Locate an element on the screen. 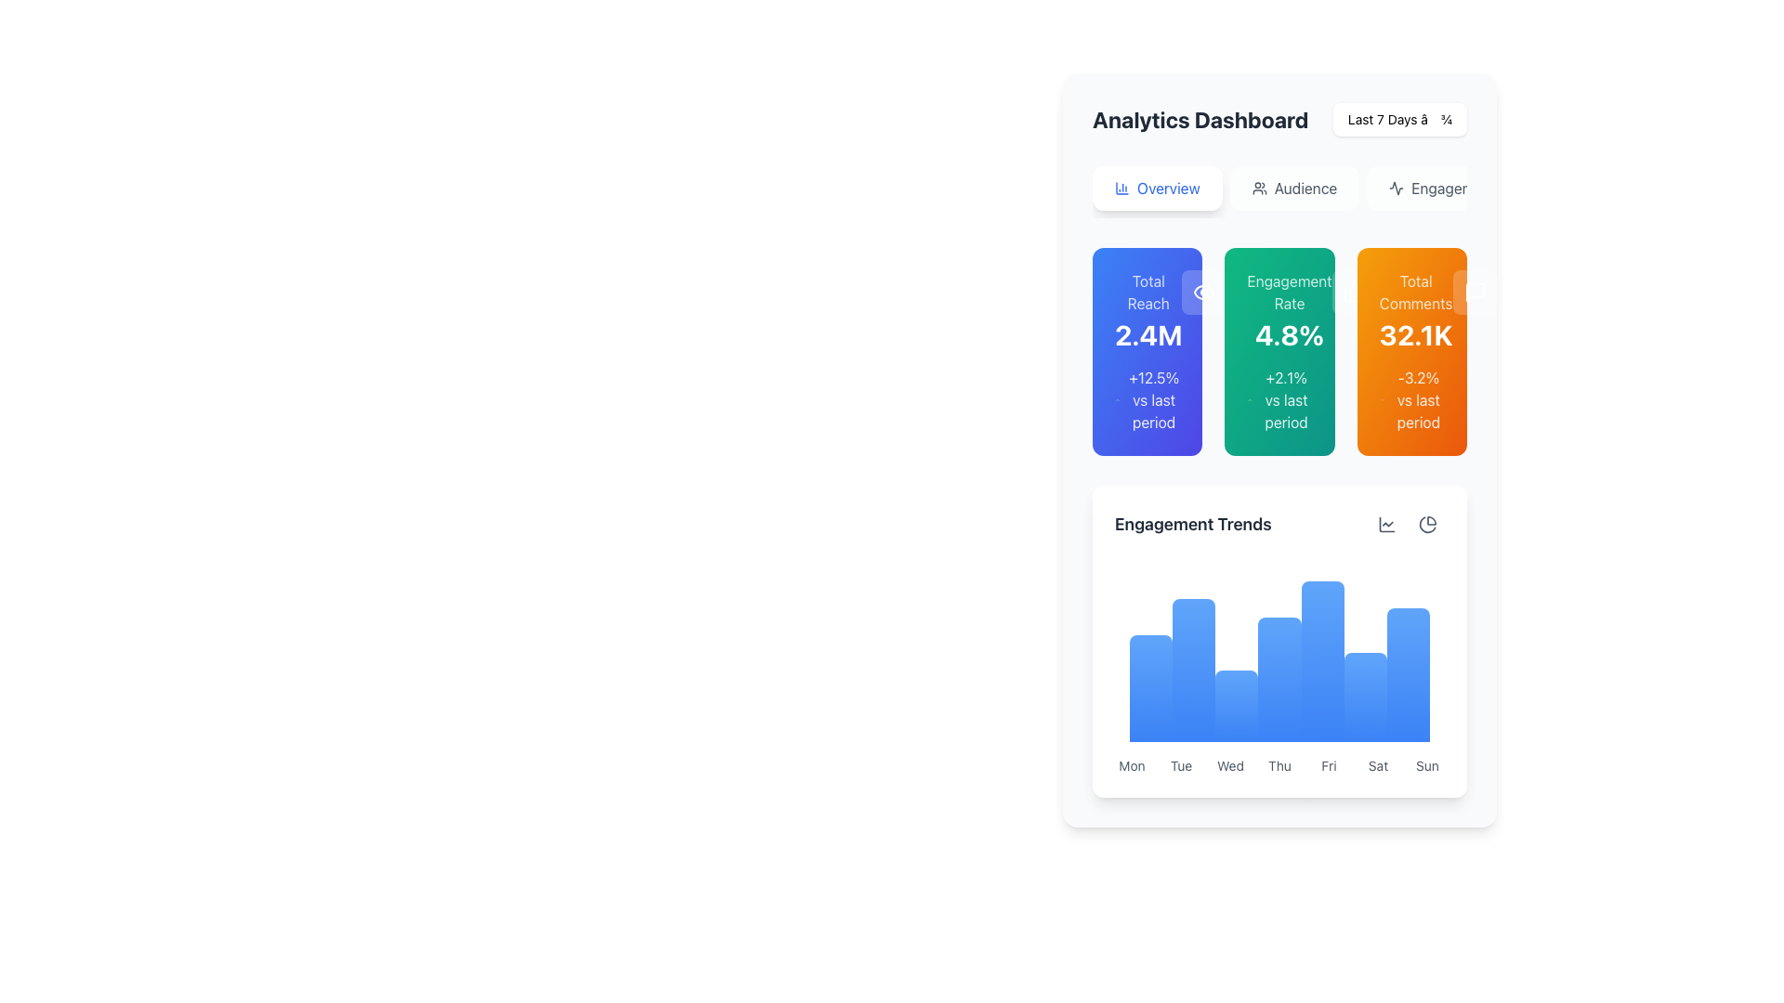 Image resolution: width=1784 pixels, height=1003 pixels. the second vertical bar in the 'Engagement Trends' section of the dashboard, which has a gradient color transitioning from blue at the bottom to light blue at the top and is rounded at the top is located at coordinates (1194, 671).